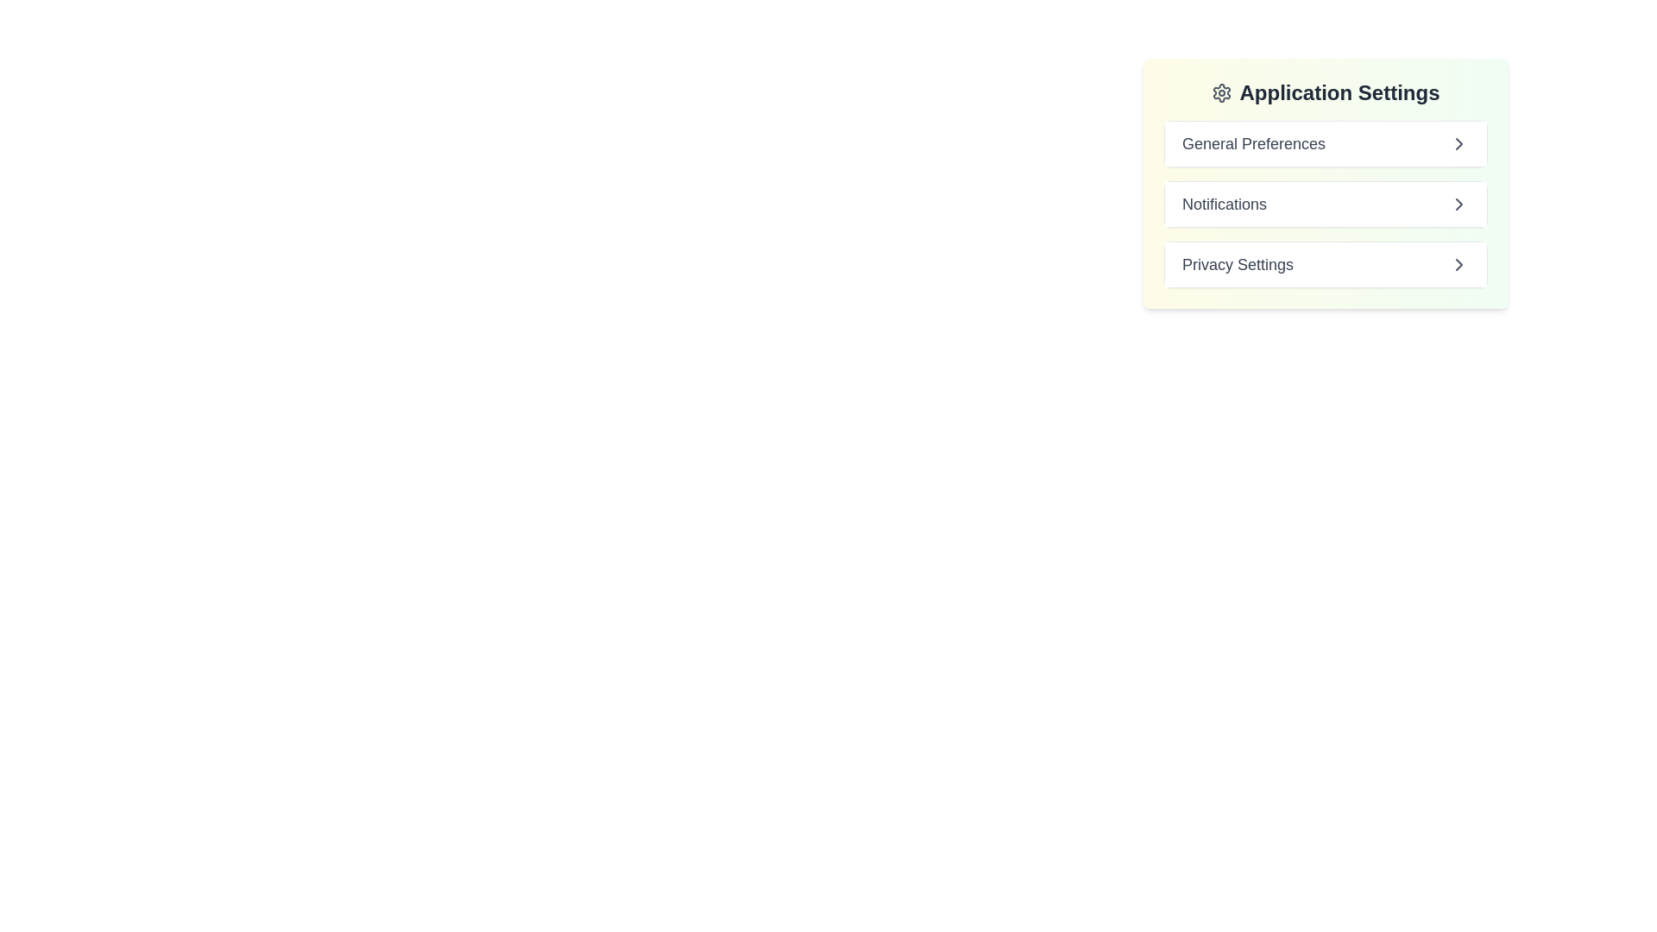  Describe the element at coordinates (1458, 142) in the screenshot. I see `the right-pointing arrow icon with a thin outline located inside the 'General Preferences' section of the 'Application Settings' panel` at that location.